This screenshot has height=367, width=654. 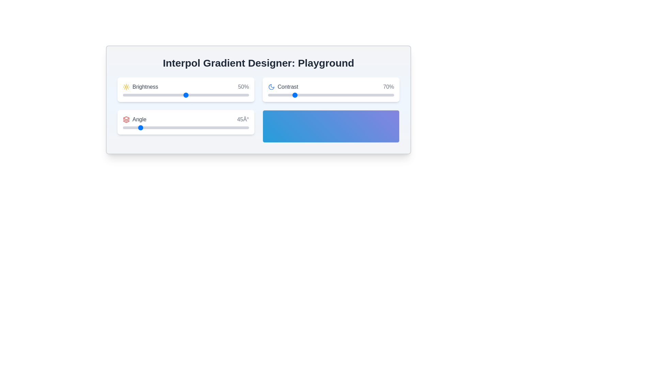 What do you see at coordinates (225, 95) in the screenshot?
I see `brightness level` at bounding box center [225, 95].